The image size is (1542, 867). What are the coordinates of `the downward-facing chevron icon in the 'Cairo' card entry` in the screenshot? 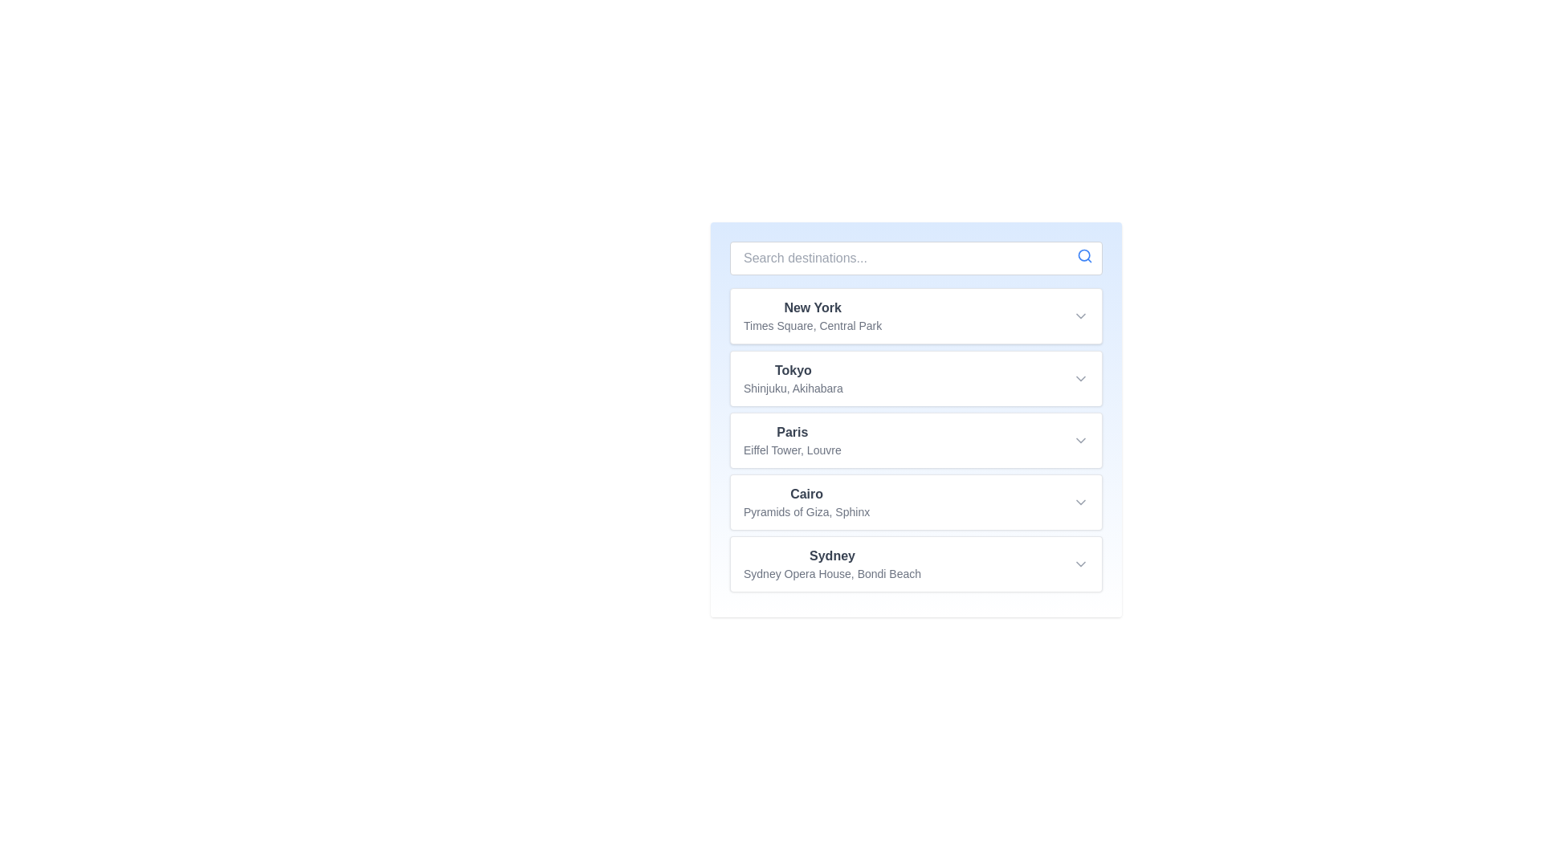 It's located at (1080, 501).